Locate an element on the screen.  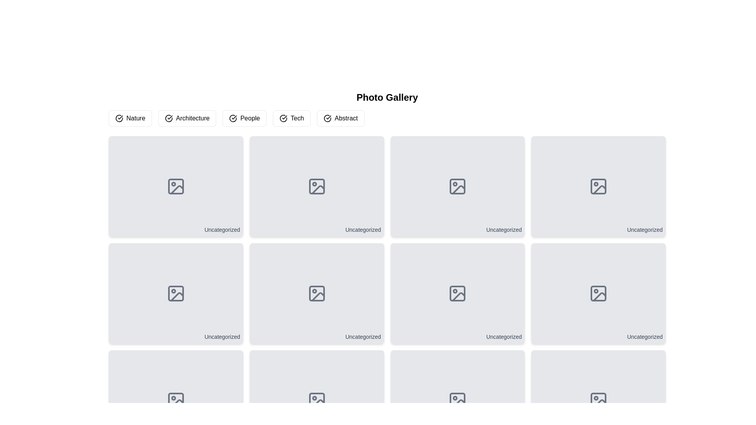
the rectangular thumbnail element labeled 'Uncategorized' located is located at coordinates (458, 293).